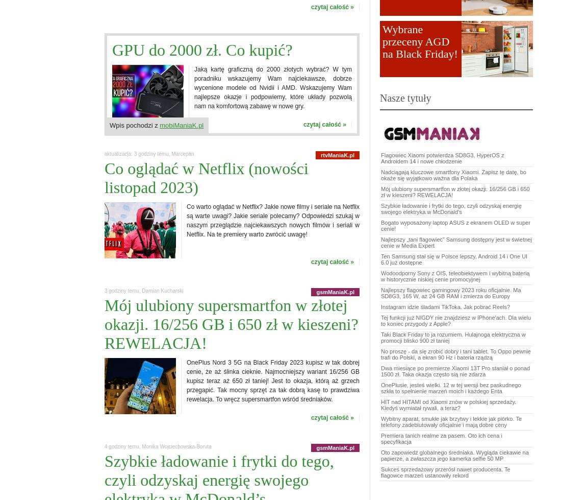 Image resolution: width=561 pixels, height=500 pixels. I want to click on 'Najlepszy flagowiec gamingowy 2023 roku oficjalnie. Ma SD8G3, 165 W, aż 24 GB RAM i zmierza do Europy', so click(450, 292).